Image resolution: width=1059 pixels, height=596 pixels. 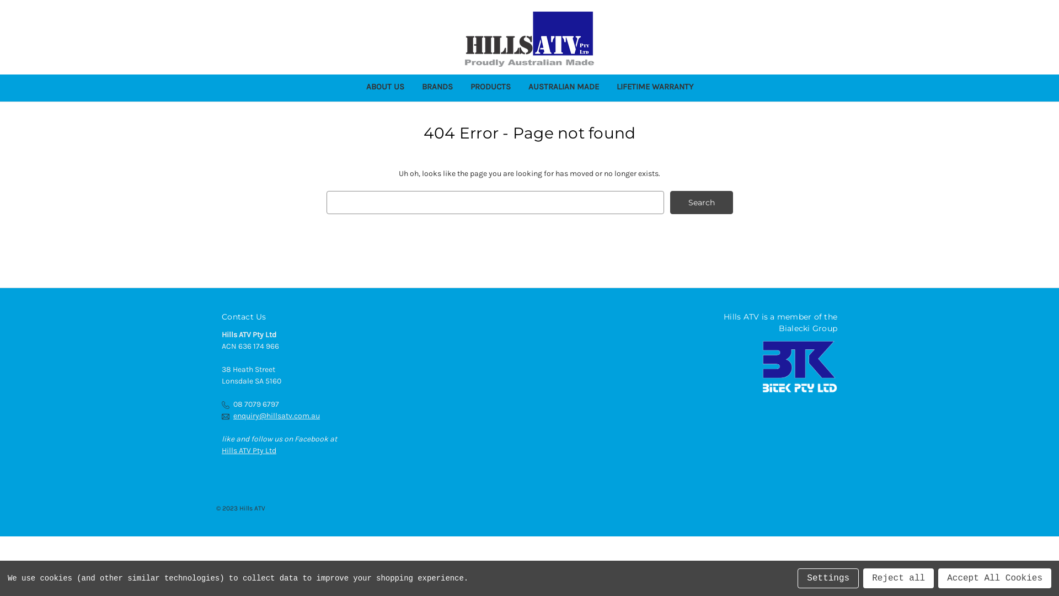 I want to click on 'Accept All Cookies', so click(x=994, y=578).